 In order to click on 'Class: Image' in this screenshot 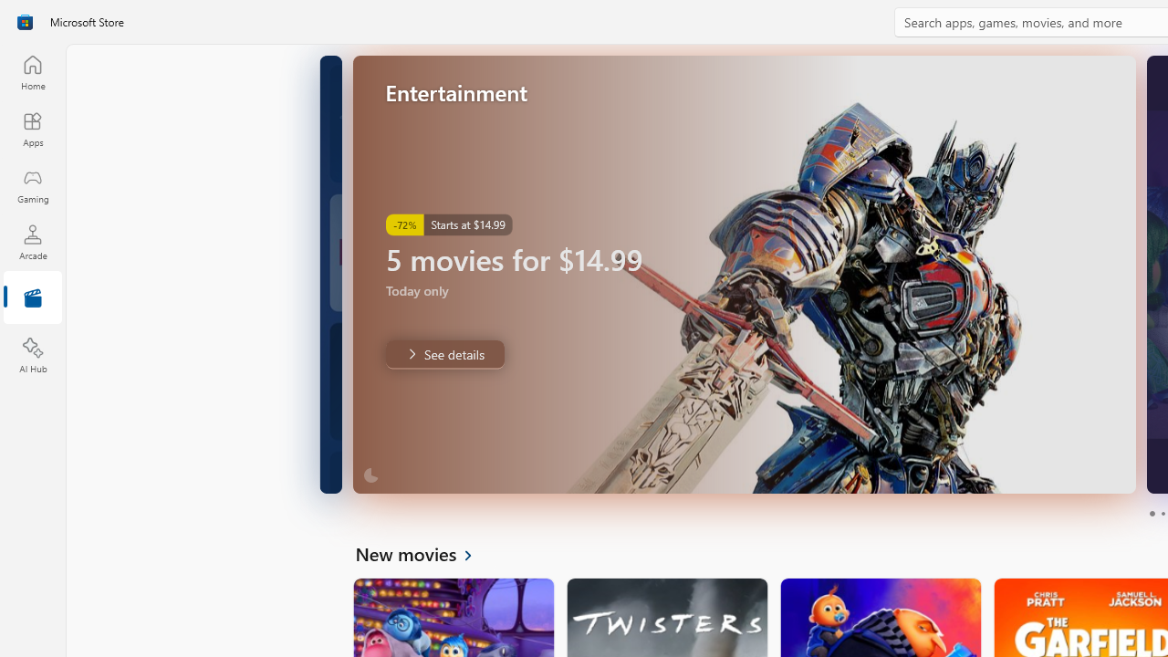, I will do `click(25, 22)`.